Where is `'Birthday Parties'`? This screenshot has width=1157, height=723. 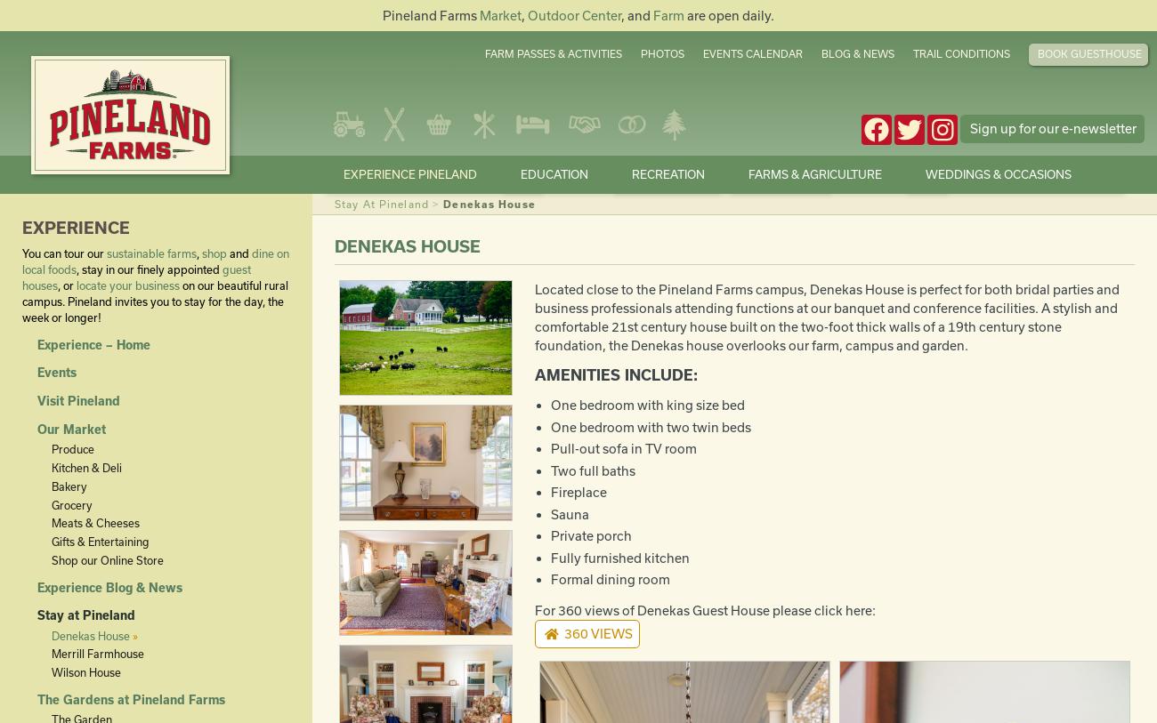
'Birthday Parties' is located at coordinates (565, 412).